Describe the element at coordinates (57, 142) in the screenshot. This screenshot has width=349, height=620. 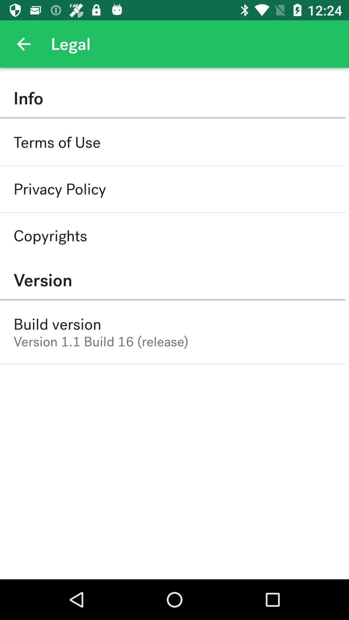
I see `icon above privacy policy icon` at that location.